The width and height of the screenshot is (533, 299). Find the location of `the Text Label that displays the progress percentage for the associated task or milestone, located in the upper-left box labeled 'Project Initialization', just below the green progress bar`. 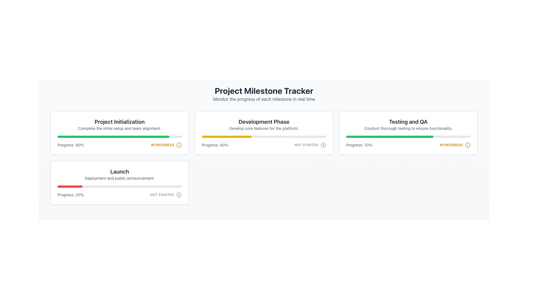

the Text Label that displays the progress percentage for the associated task or milestone, located in the upper-left box labeled 'Project Initialization', just below the green progress bar is located at coordinates (70, 145).